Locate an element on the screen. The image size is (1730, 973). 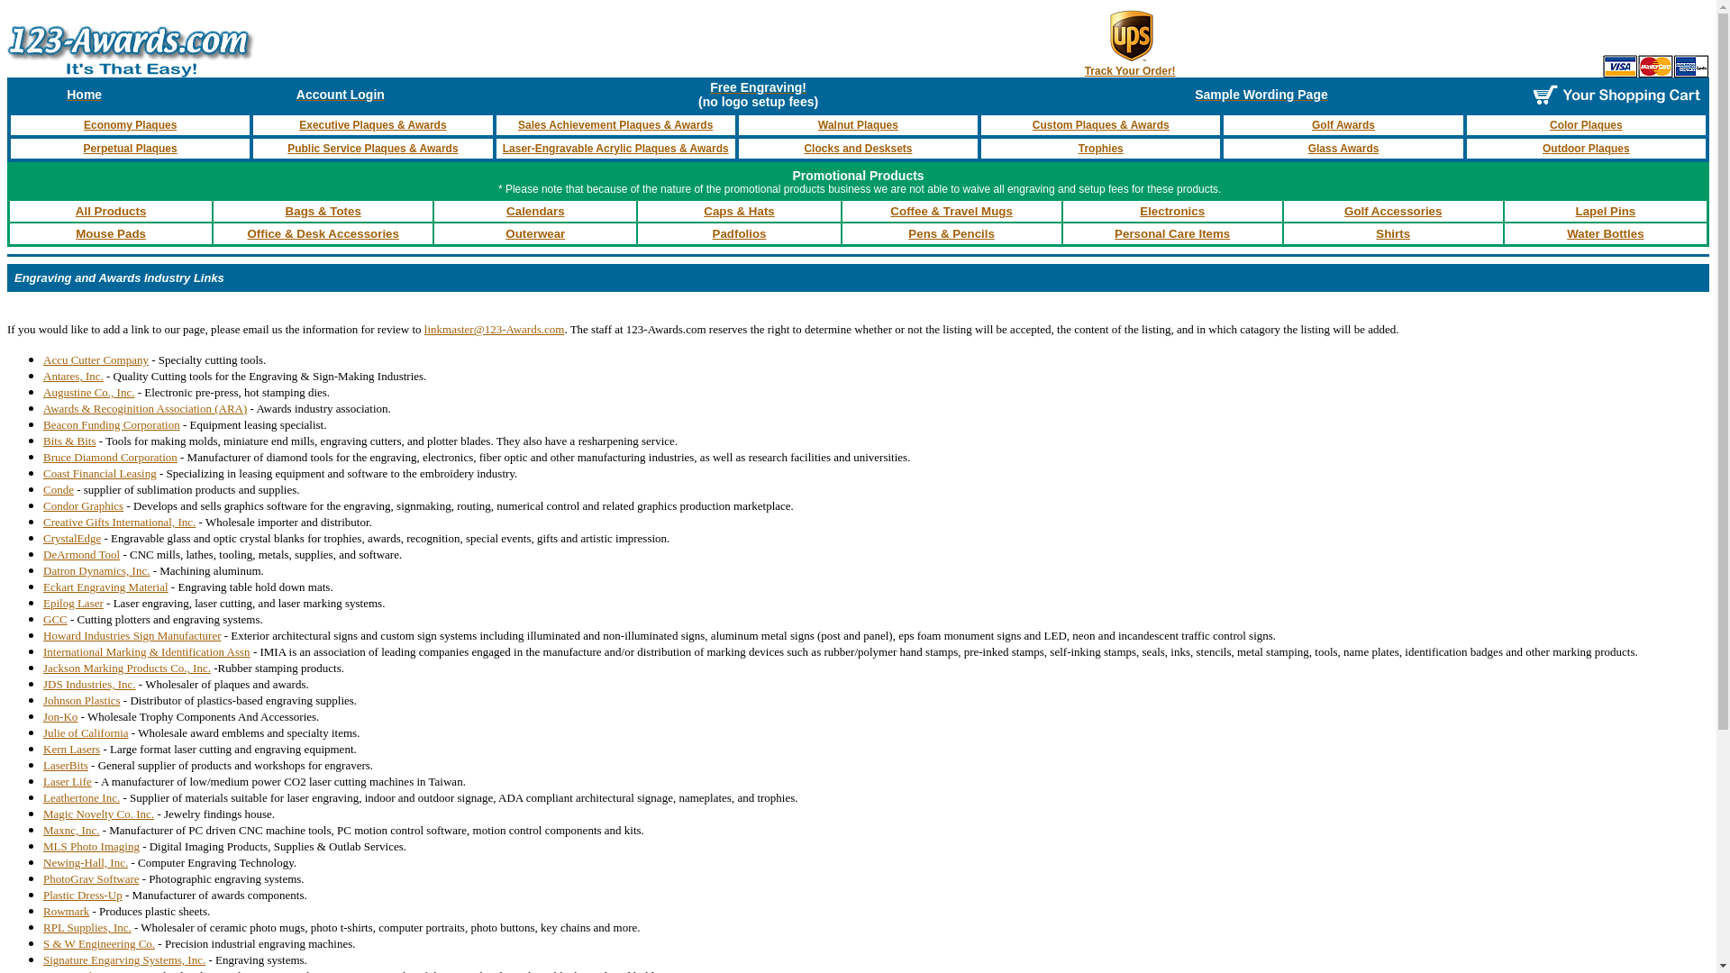
'Jackson Marking Products Co., Inc.' is located at coordinates (125, 668).